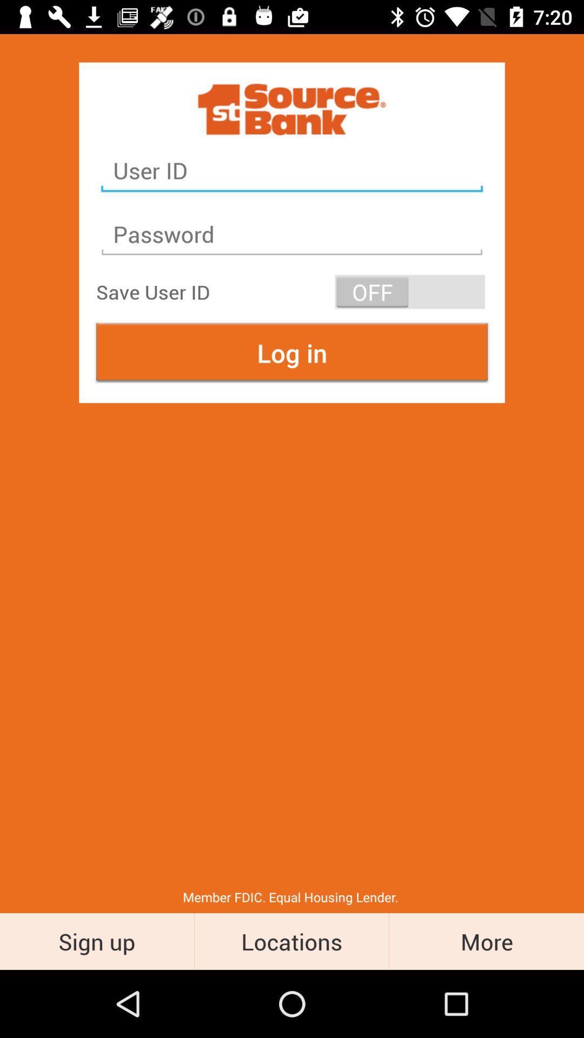  I want to click on the item at the top right corner, so click(410, 291).